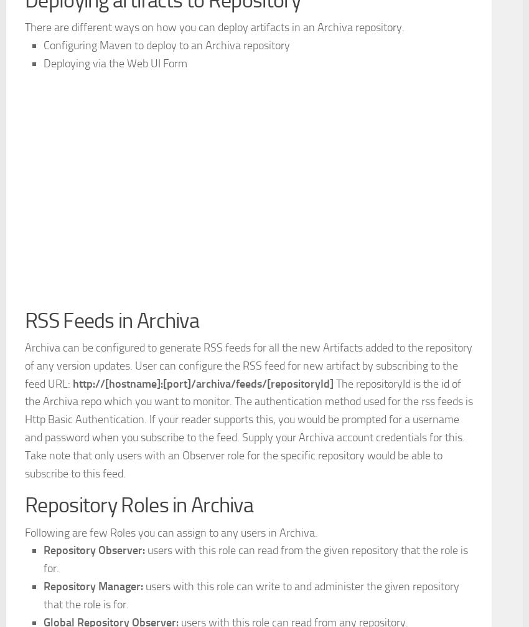 The height and width of the screenshot is (627, 529). What do you see at coordinates (44, 128) in the screenshot?
I see `'settings'` at bounding box center [44, 128].